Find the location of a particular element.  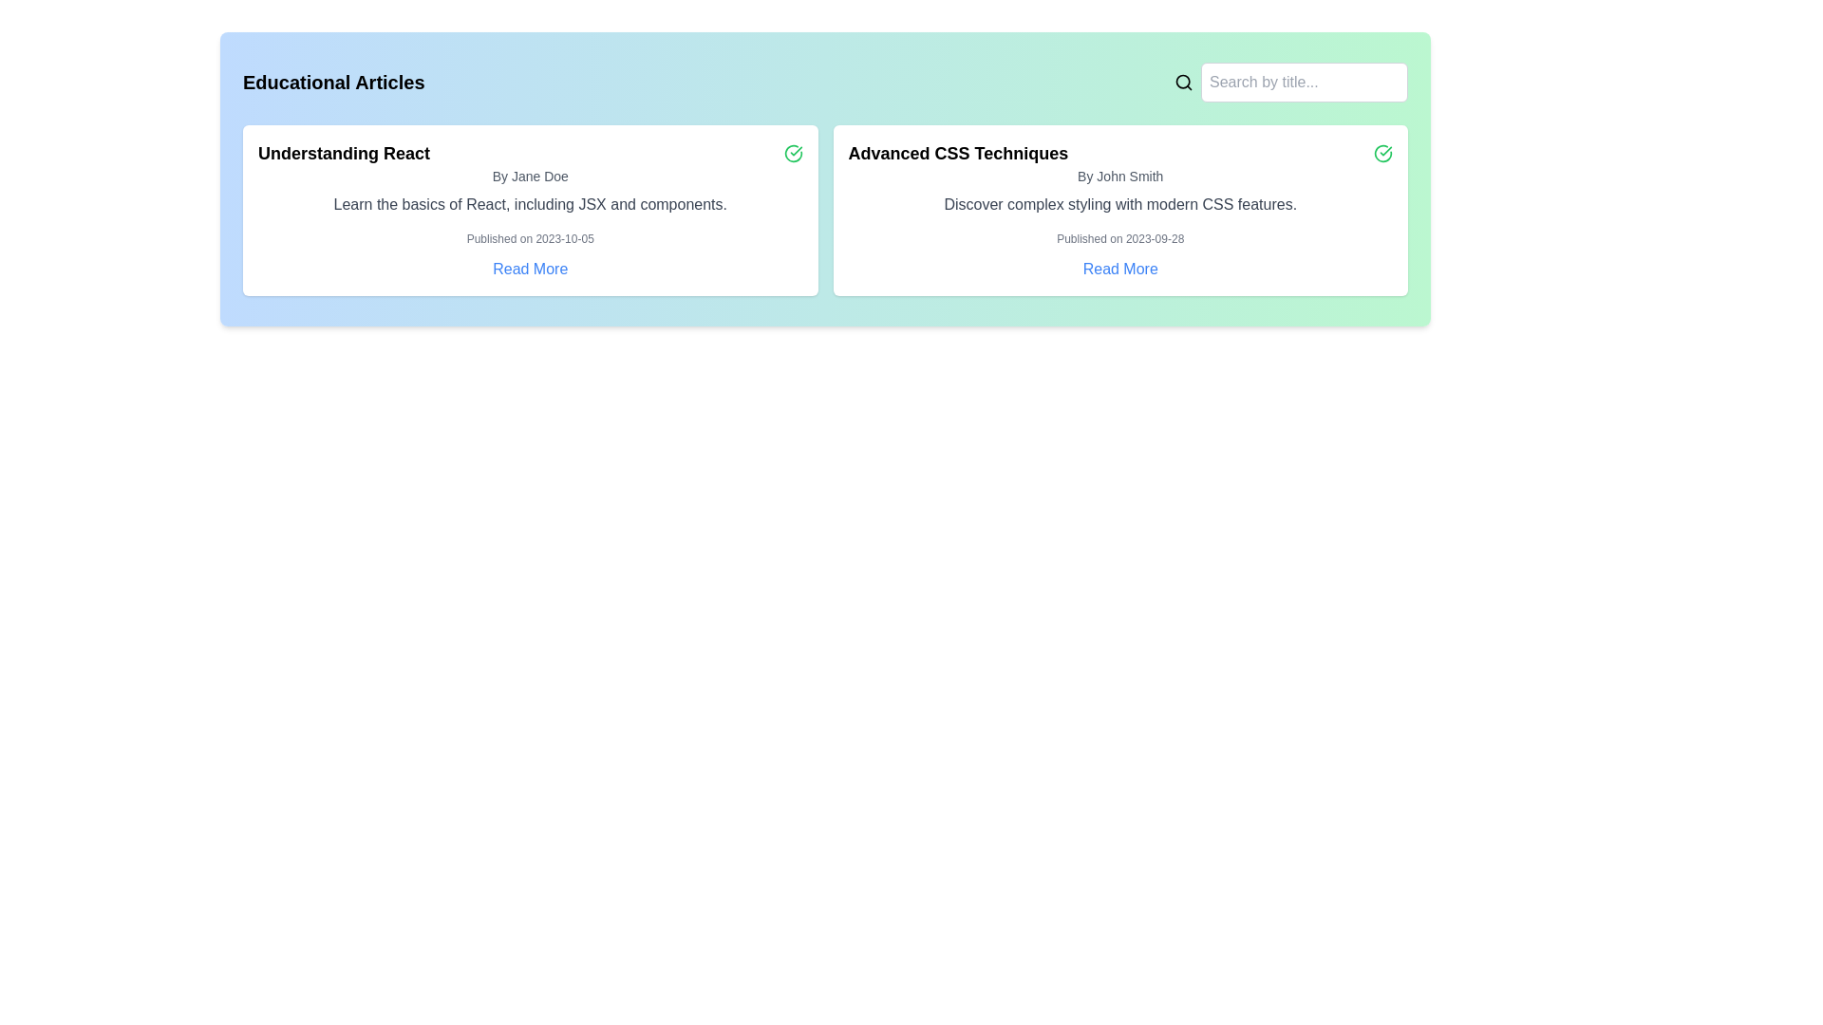

the static text element that indicates the publication date of the content associated with 'Understanding React', located above the 'Read More' link and below the description text is located at coordinates (530, 237).